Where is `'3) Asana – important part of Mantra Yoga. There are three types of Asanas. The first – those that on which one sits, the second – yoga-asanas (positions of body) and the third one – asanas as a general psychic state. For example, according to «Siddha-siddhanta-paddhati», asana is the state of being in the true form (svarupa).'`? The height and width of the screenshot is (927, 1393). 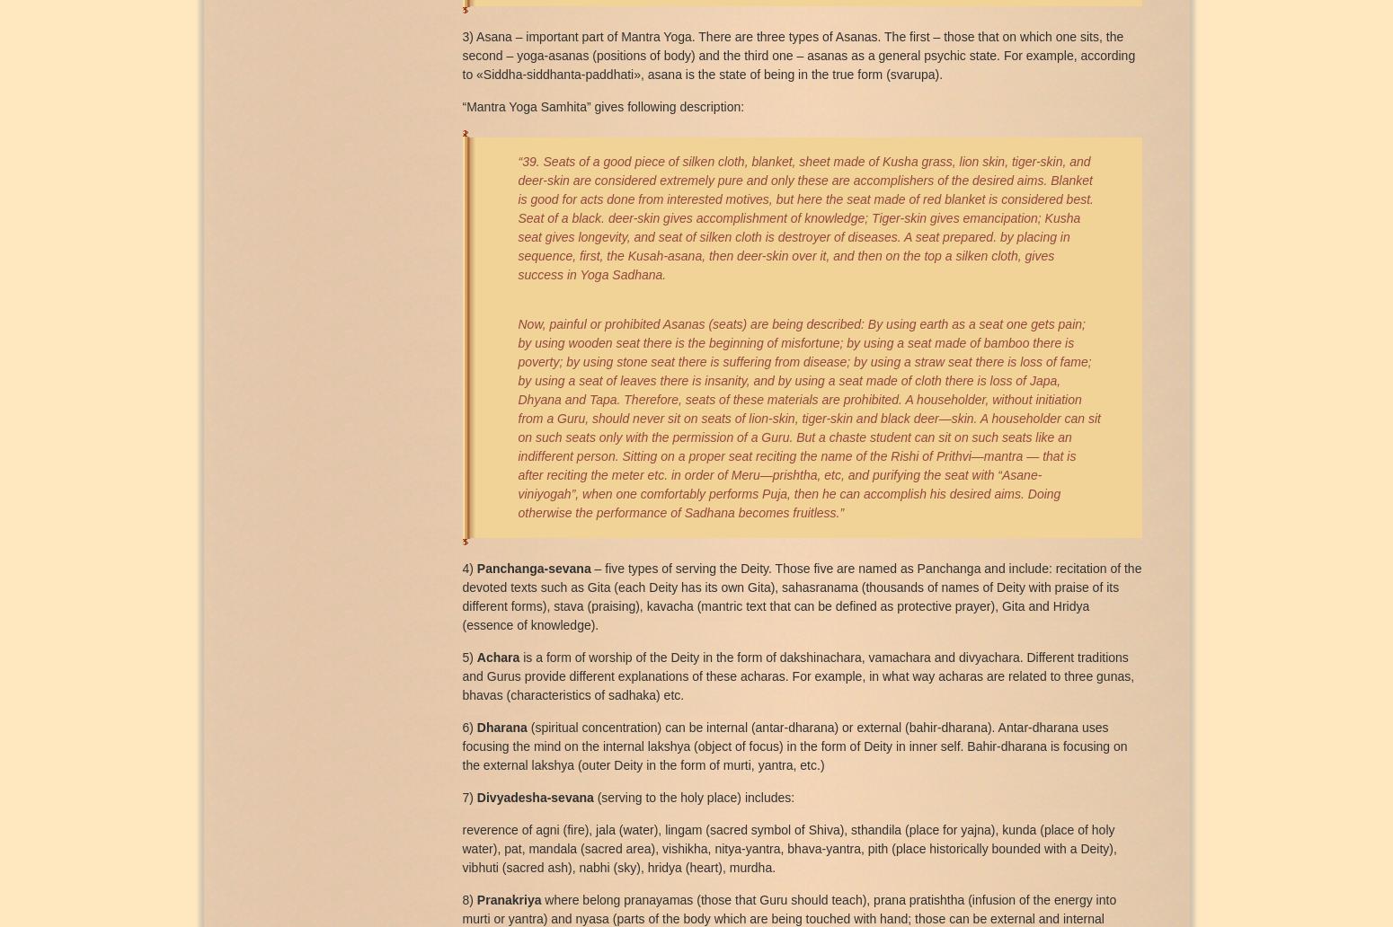
'3) Asana – important part of Mantra Yoga. There are three types of Asanas. The first – those that on which one sits, the second – yoga-asanas (positions of body) and the third one – asanas as a general psychic state. For example, according to «Siddha-siddhanta-paddhati», asana is the state of being in the true form (svarupa).' is located at coordinates (798, 54).